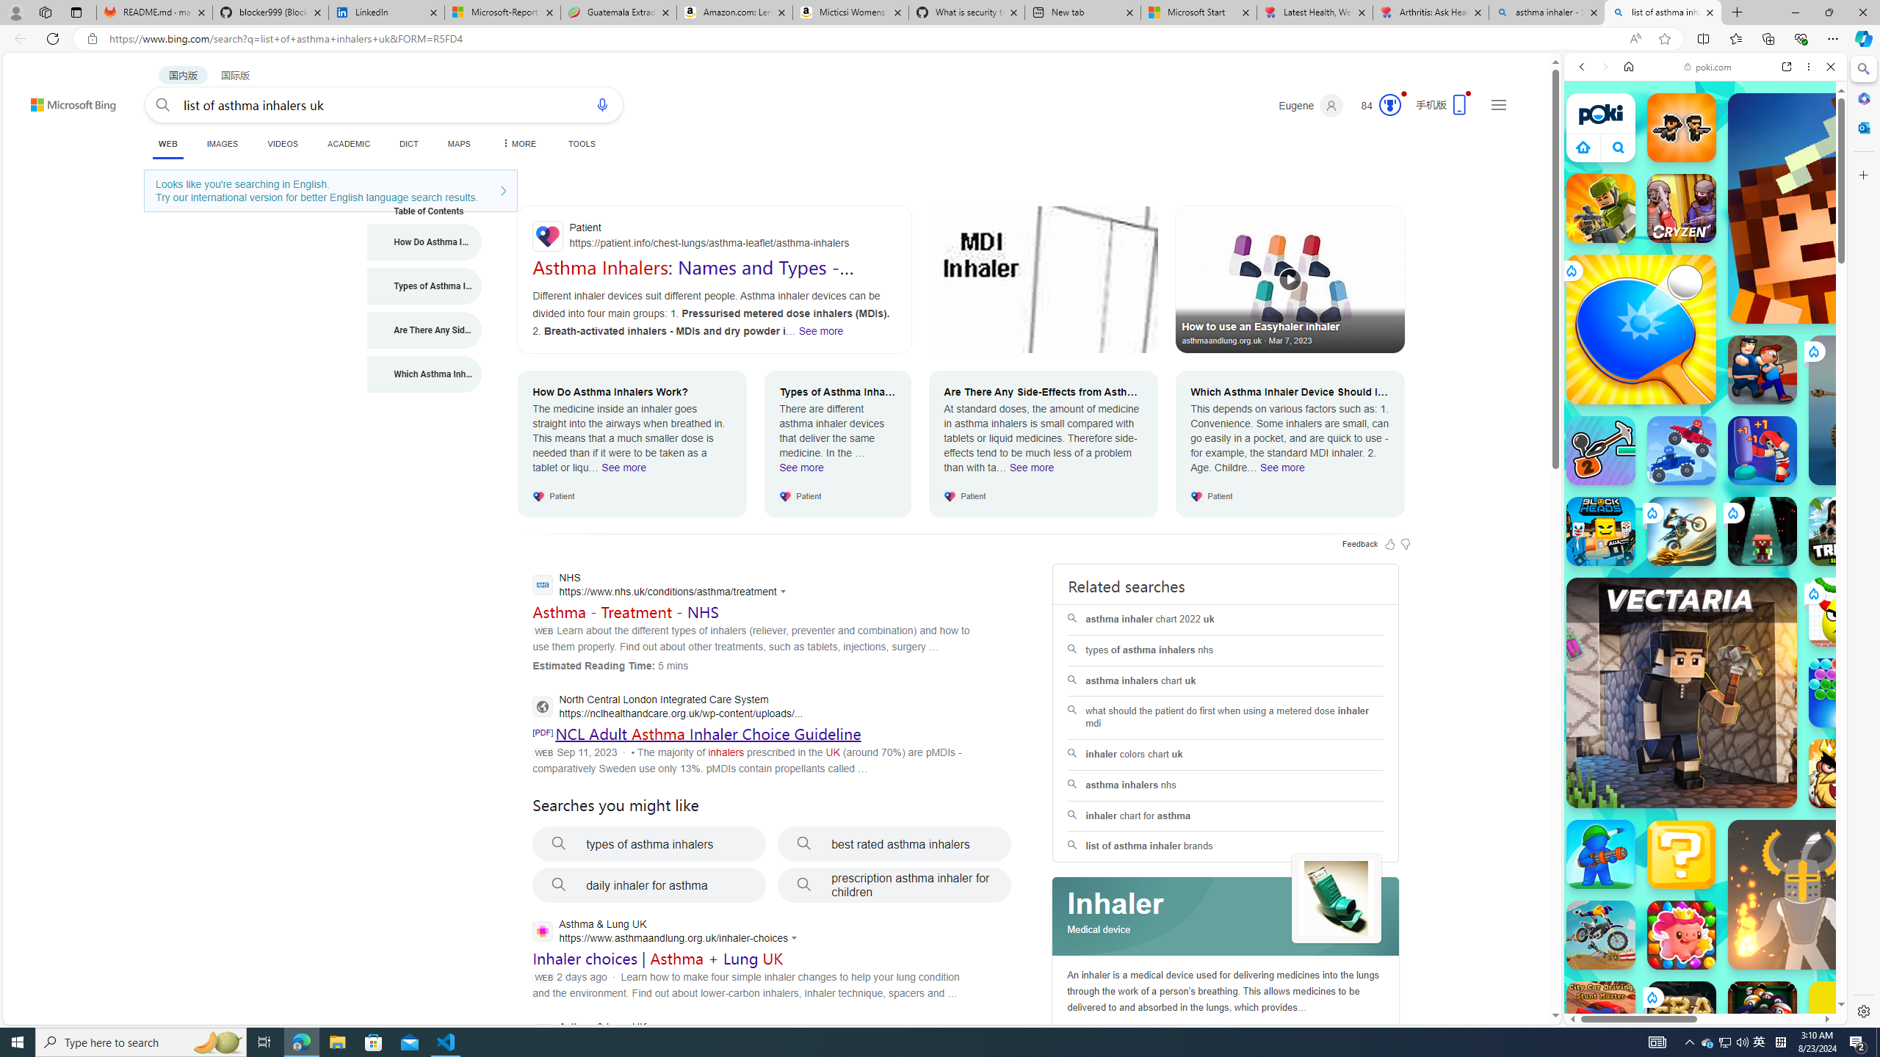  Describe the element at coordinates (1547, 12) in the screenshot. I see `'asthma inhaler - Search'` at that location.